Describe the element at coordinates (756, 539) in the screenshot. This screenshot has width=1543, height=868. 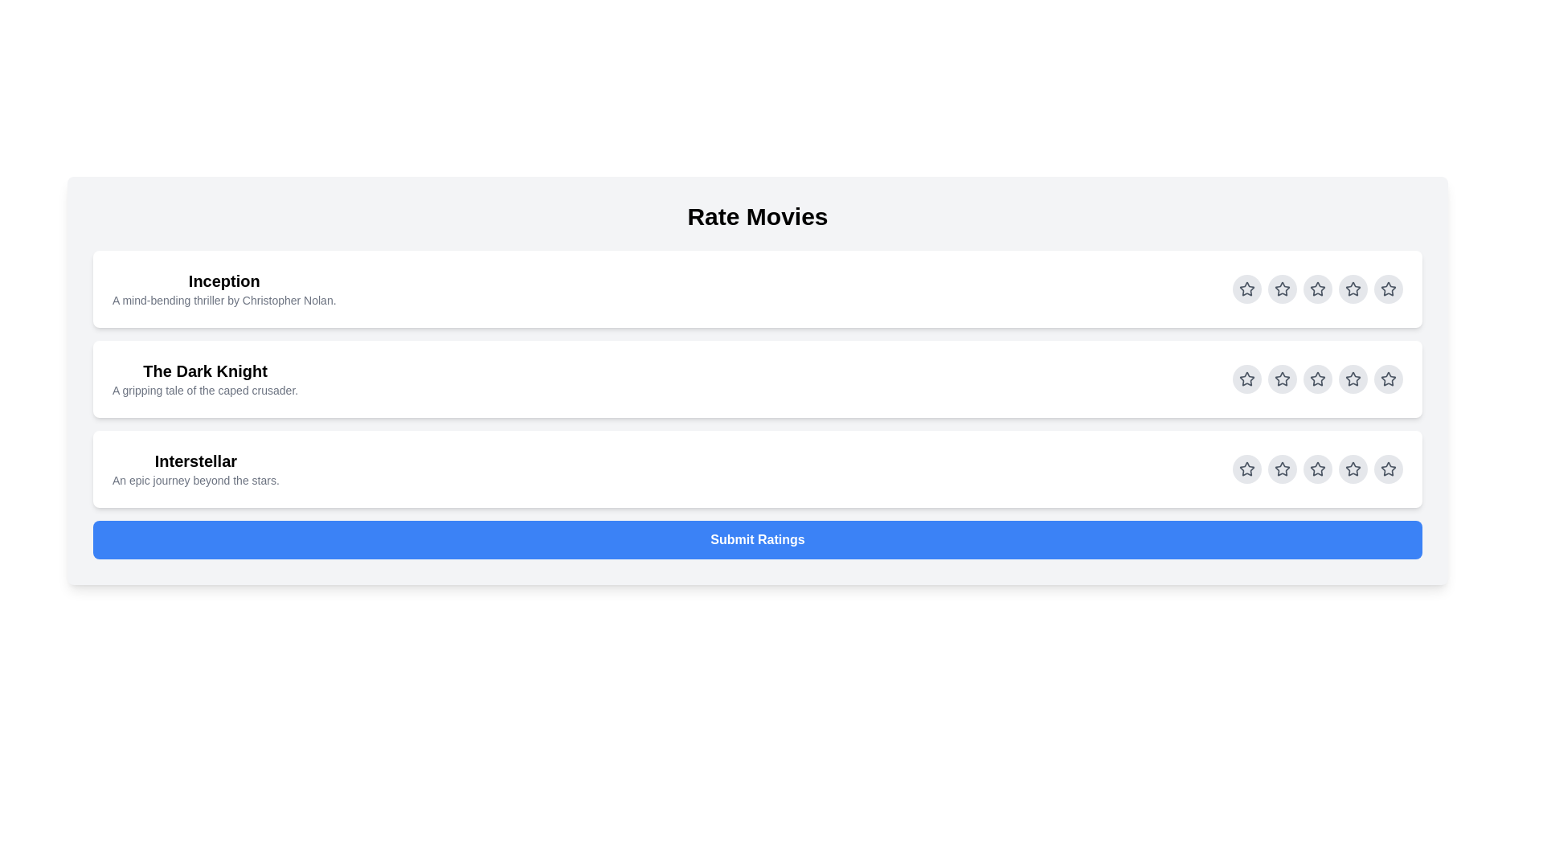
I see `the 'Submit Ratings' button to submit the ratings` at that location.